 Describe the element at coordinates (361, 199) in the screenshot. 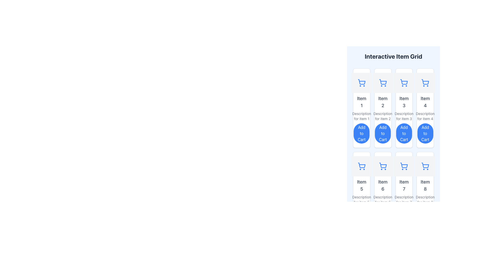

I see `the Text Label located under 'Item 5' and above the 'Add to Cart' button in the bottom-left section of the grid` at that location.